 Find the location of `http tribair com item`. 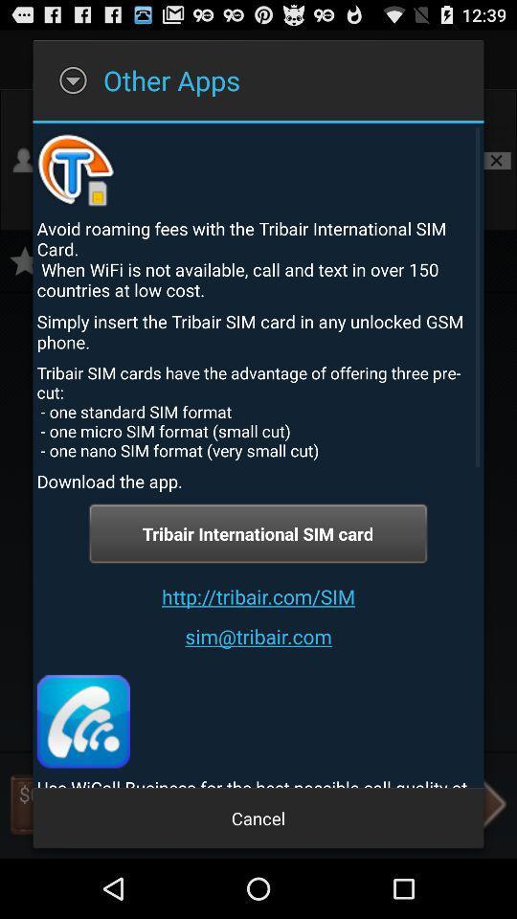

http tribair com item is located at coordinates (258, 595).